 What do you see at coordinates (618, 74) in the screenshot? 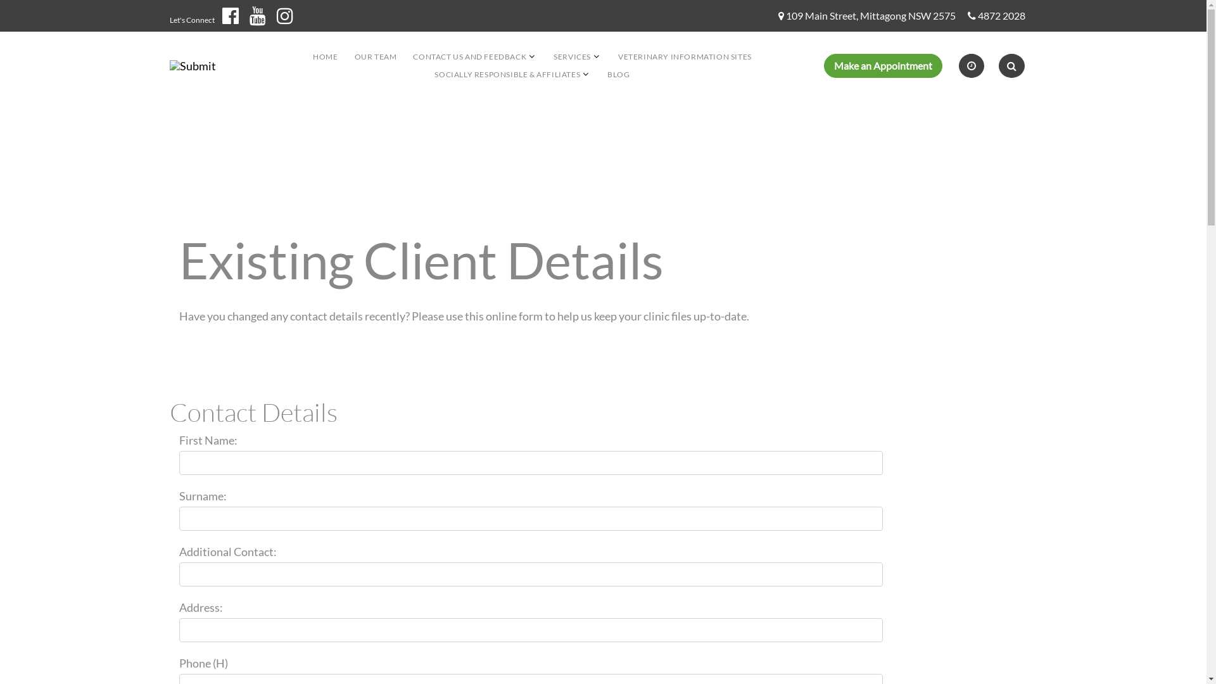
I see `'BLOG'` at bounding box center [618, 74].